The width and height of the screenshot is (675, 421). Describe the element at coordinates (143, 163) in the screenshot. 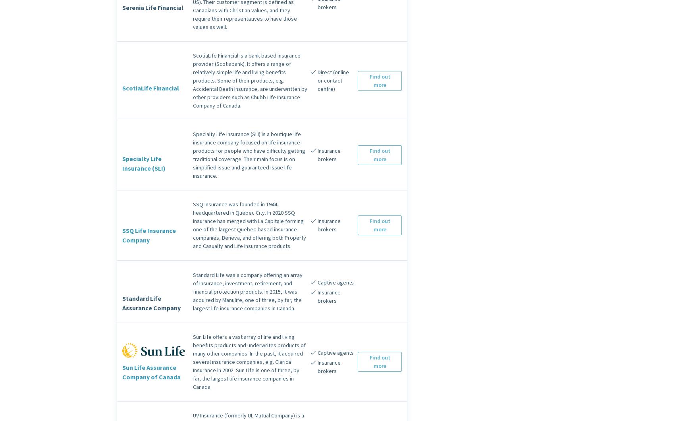

I see `'Specialty Life Insurance (SLI)'` at that location.